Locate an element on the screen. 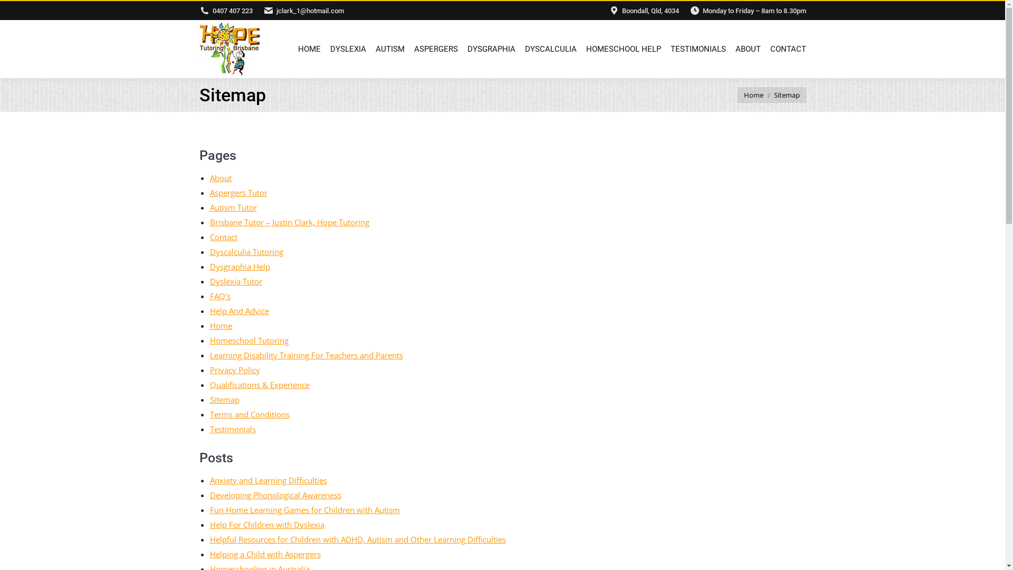  'About' is located at coordinates (220, 177).